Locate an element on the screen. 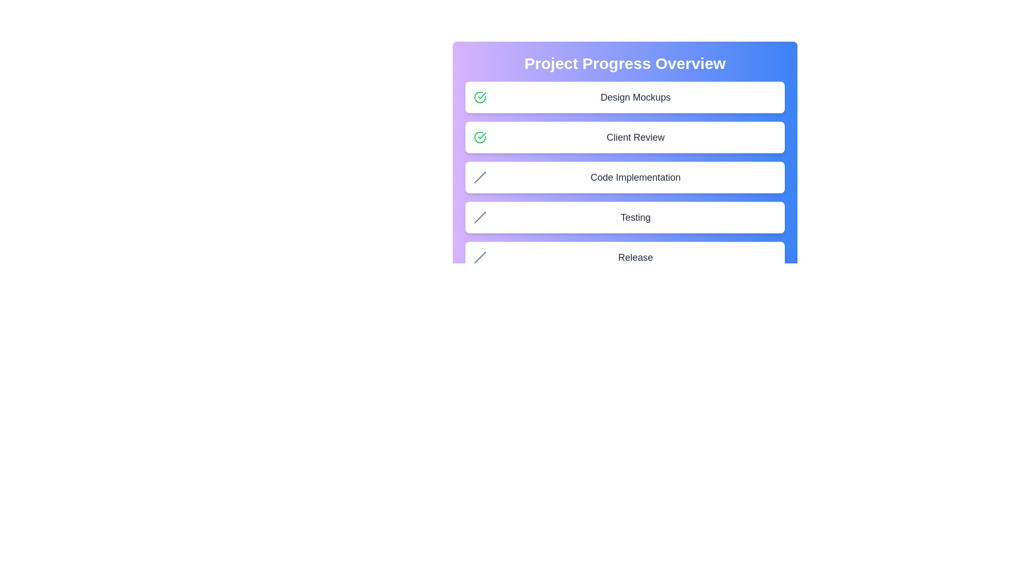 The height and width of the screenshot is (569, 1012). properties of the decorative 'completed' or 'checked' status vector graphic element within the 'Client Review' task icon, located in the second item of the task list in the 'Project Progress Overview' interface is located at coordinates (480, 137).